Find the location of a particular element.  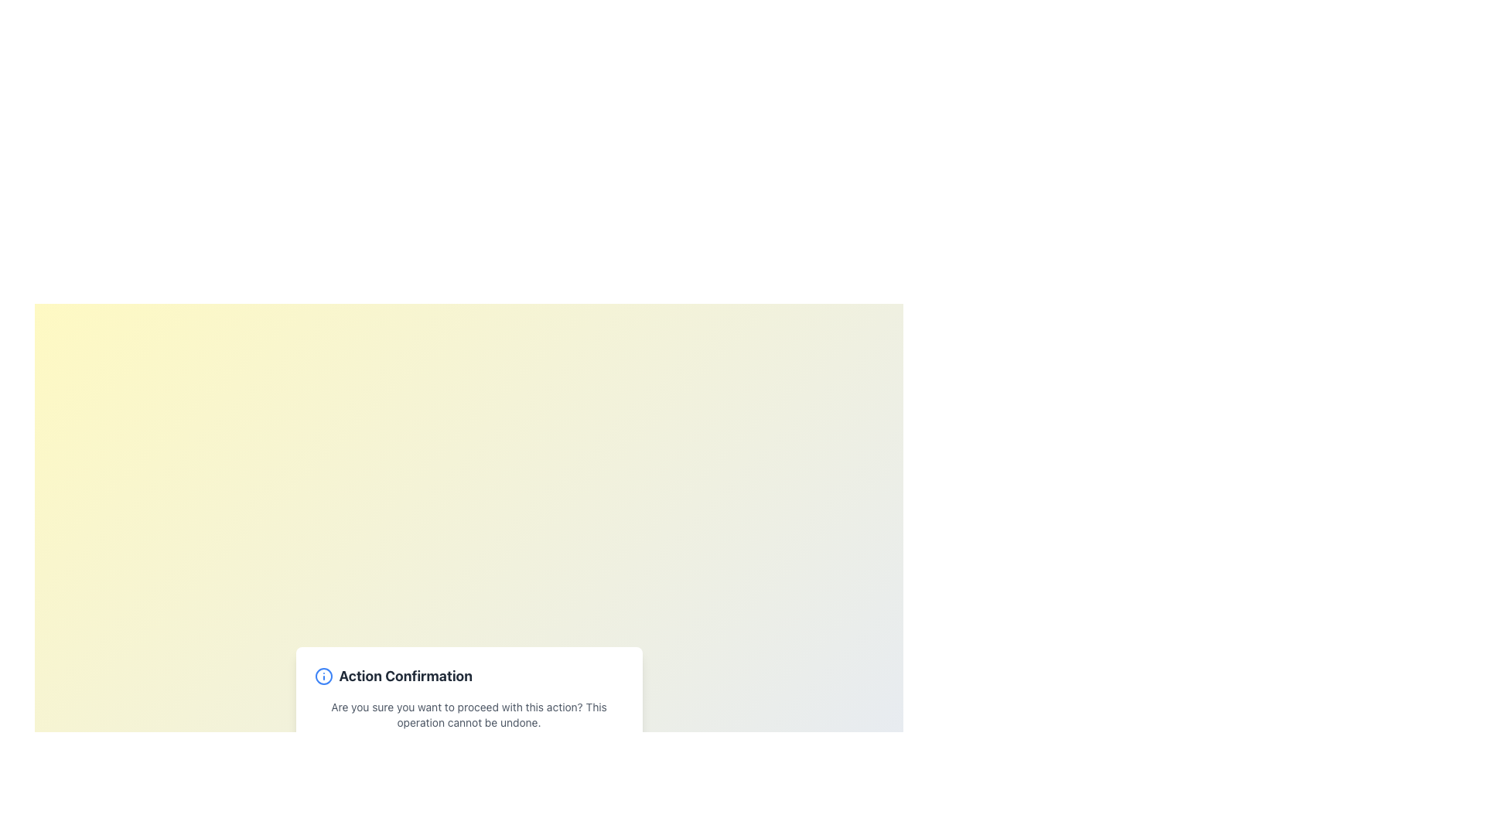

Informational icon located to the left of the 'Action Confirmation' text for additional information is located at coordinates (323, 676).